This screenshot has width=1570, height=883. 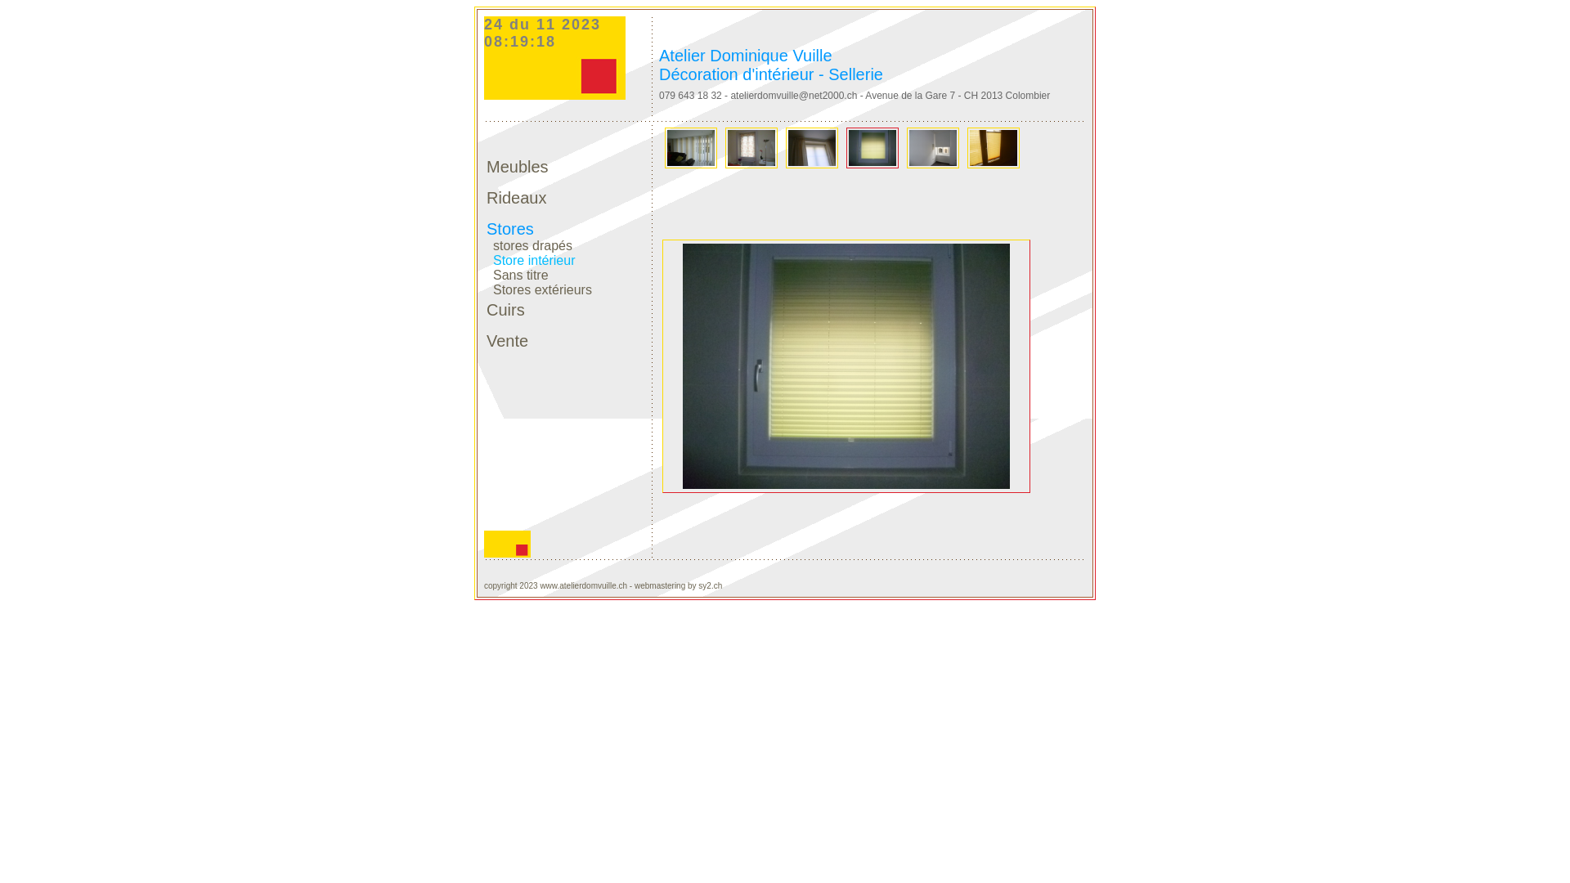 What do you see at coordinates (486, 339) in the screenshot?
I see `'Vente'` at bounding box center [486, 339].